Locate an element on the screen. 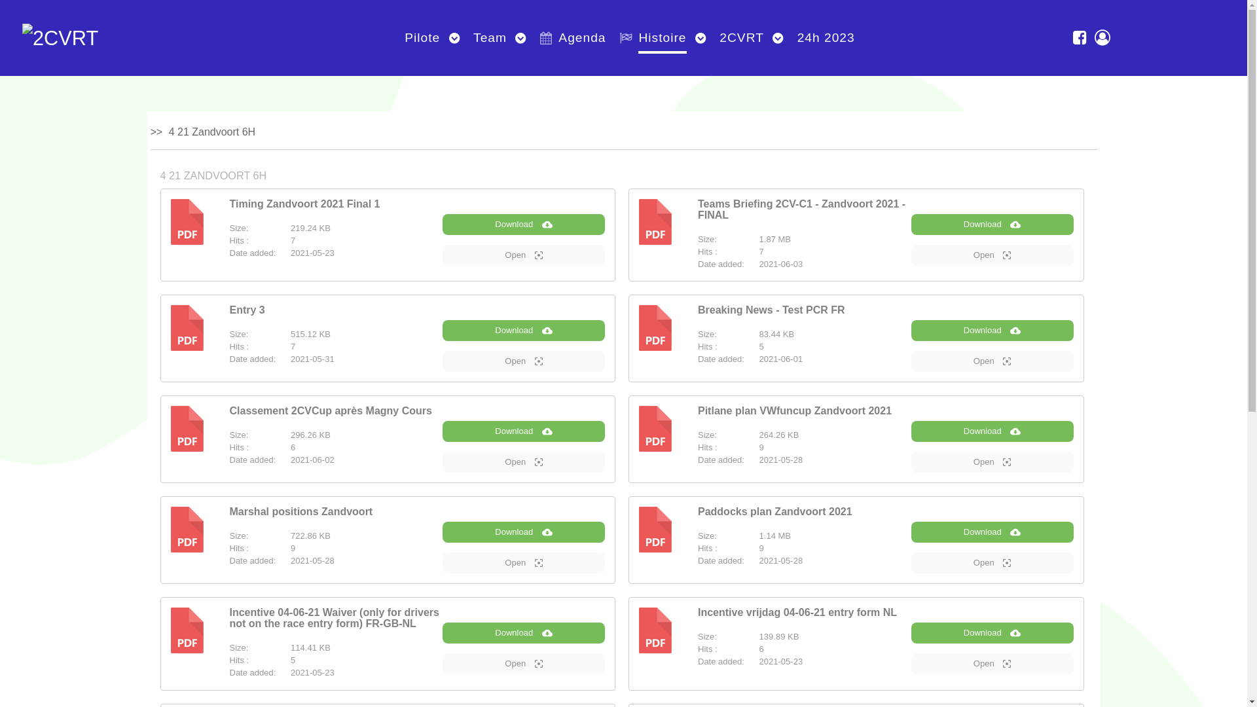 The height and width of the screenshot is (707, 1257). 'Download' is located at coordinates (993, 330).